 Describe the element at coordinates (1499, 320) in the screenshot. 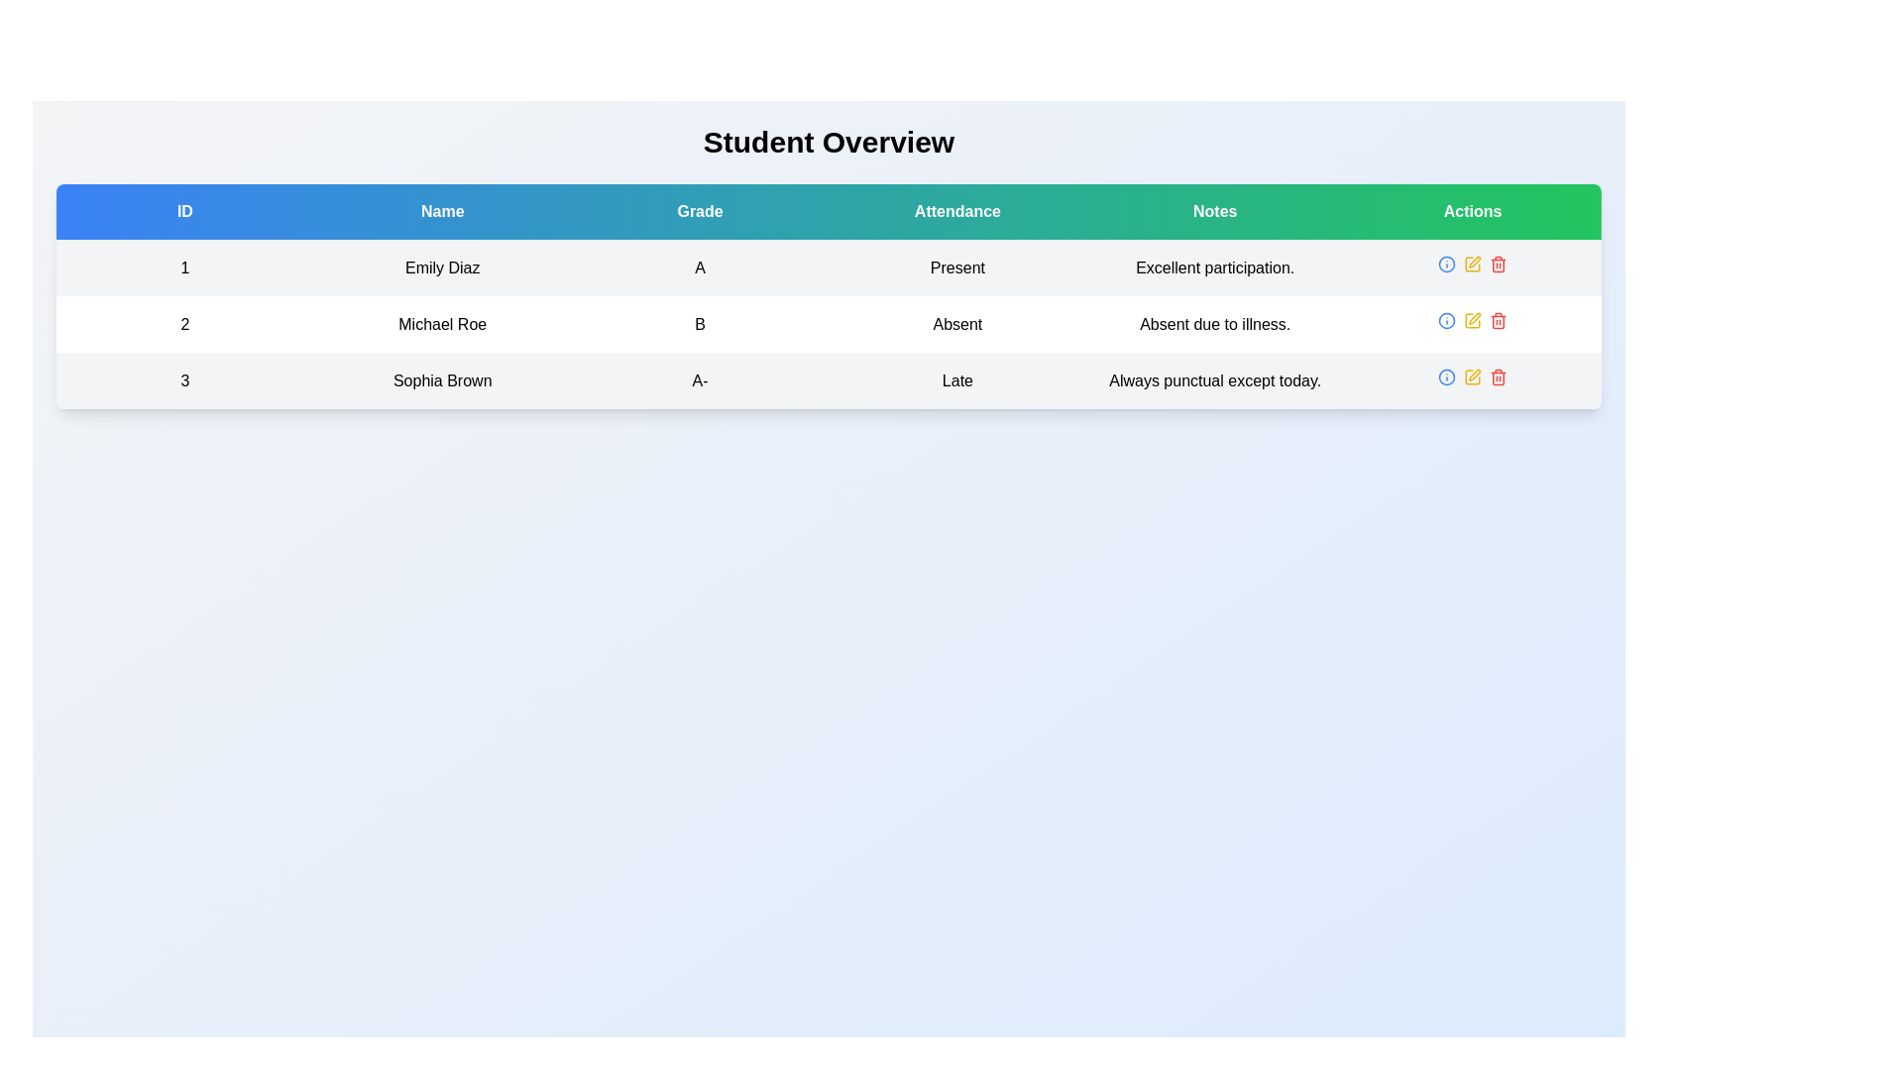

I see `the delete icon located in the rightmost position of the 'Actions' column for the second data row` at that location.